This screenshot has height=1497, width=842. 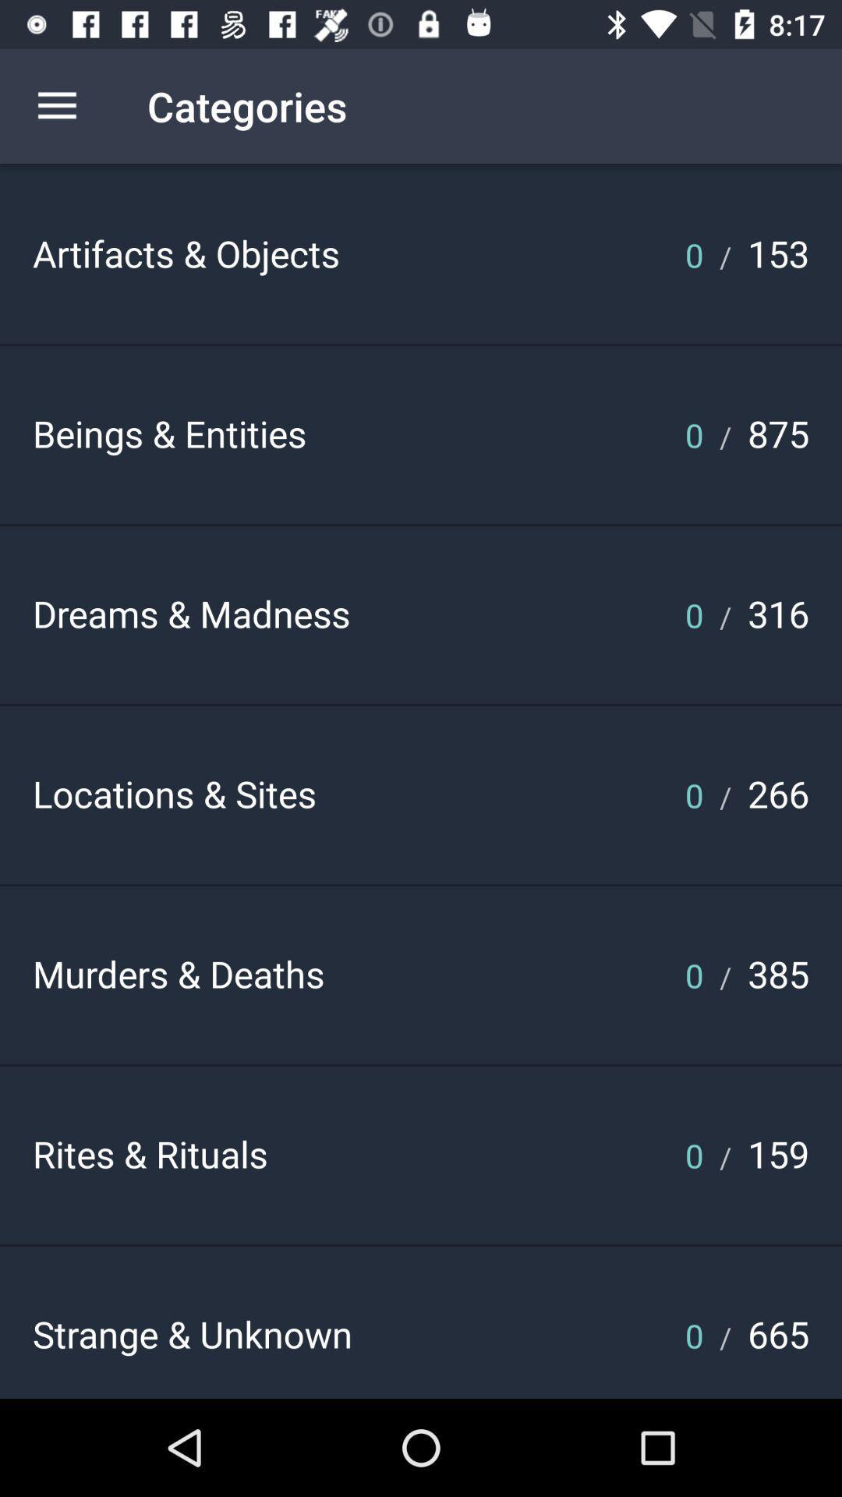 What do you see at coordinates (56, 105) in the screenshot?
I see `item to the left of categories item` at bounding box center [56, 105].